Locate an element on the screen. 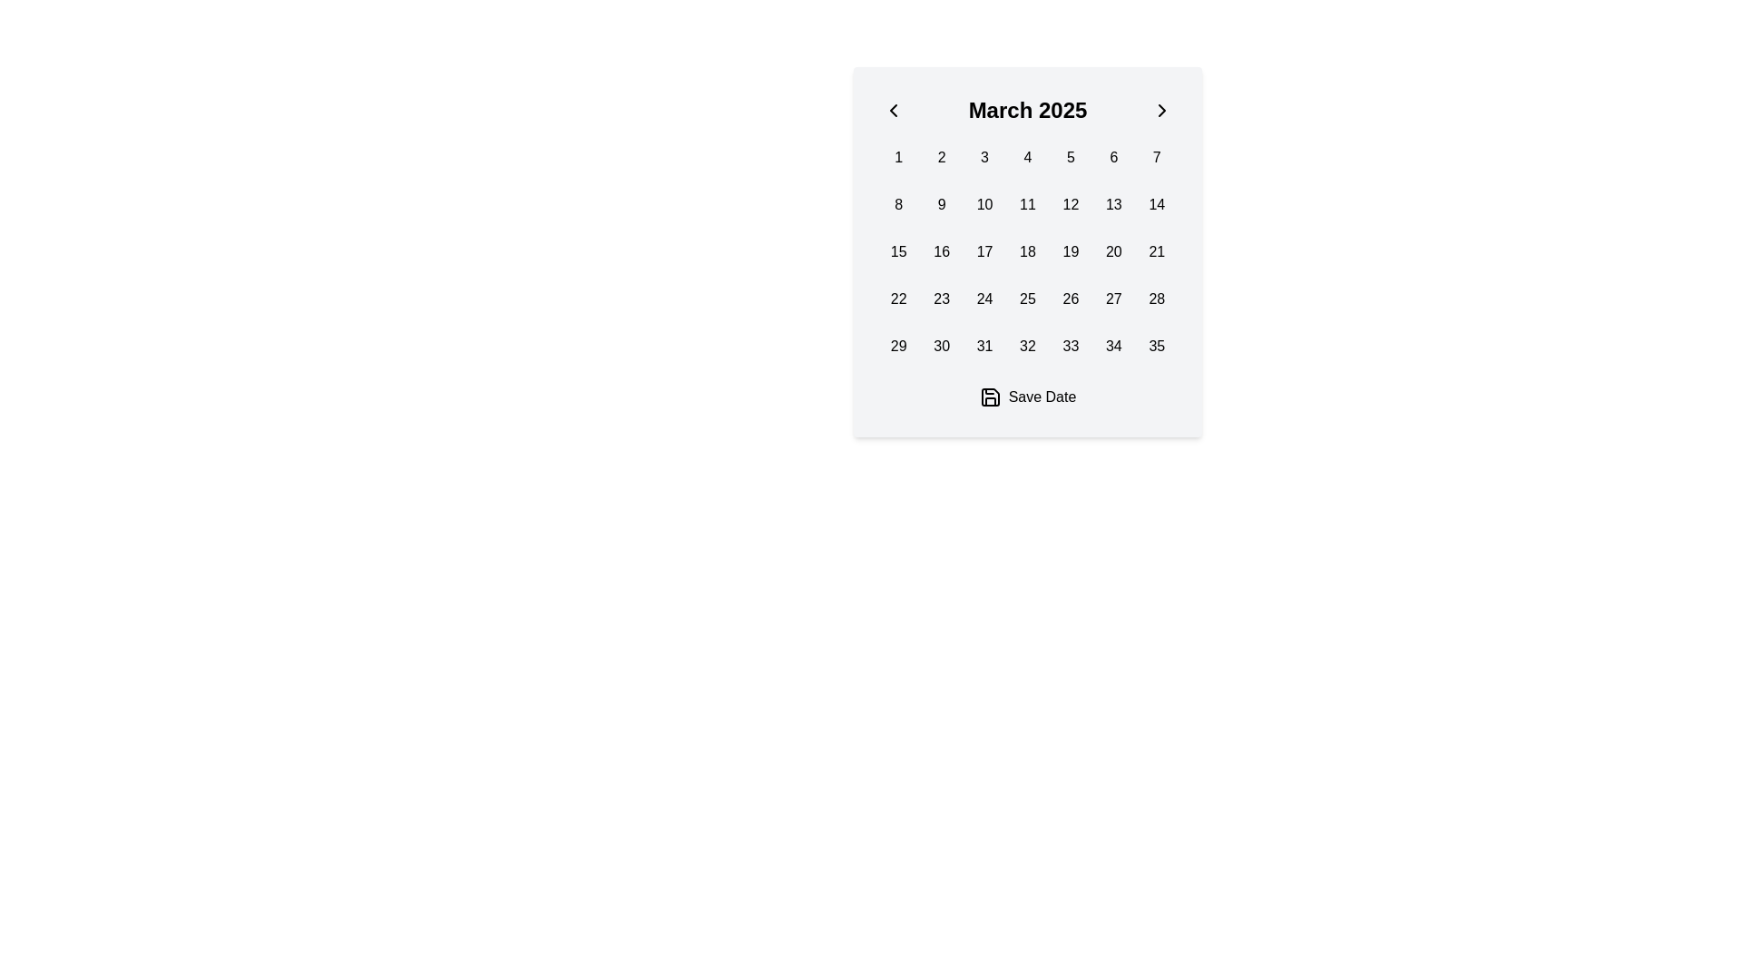 The width and height of the screenshot is (1742, 980). the interactive calendar day item displaying the number '18' for March 2025 is located at coordinates (1027, 251).